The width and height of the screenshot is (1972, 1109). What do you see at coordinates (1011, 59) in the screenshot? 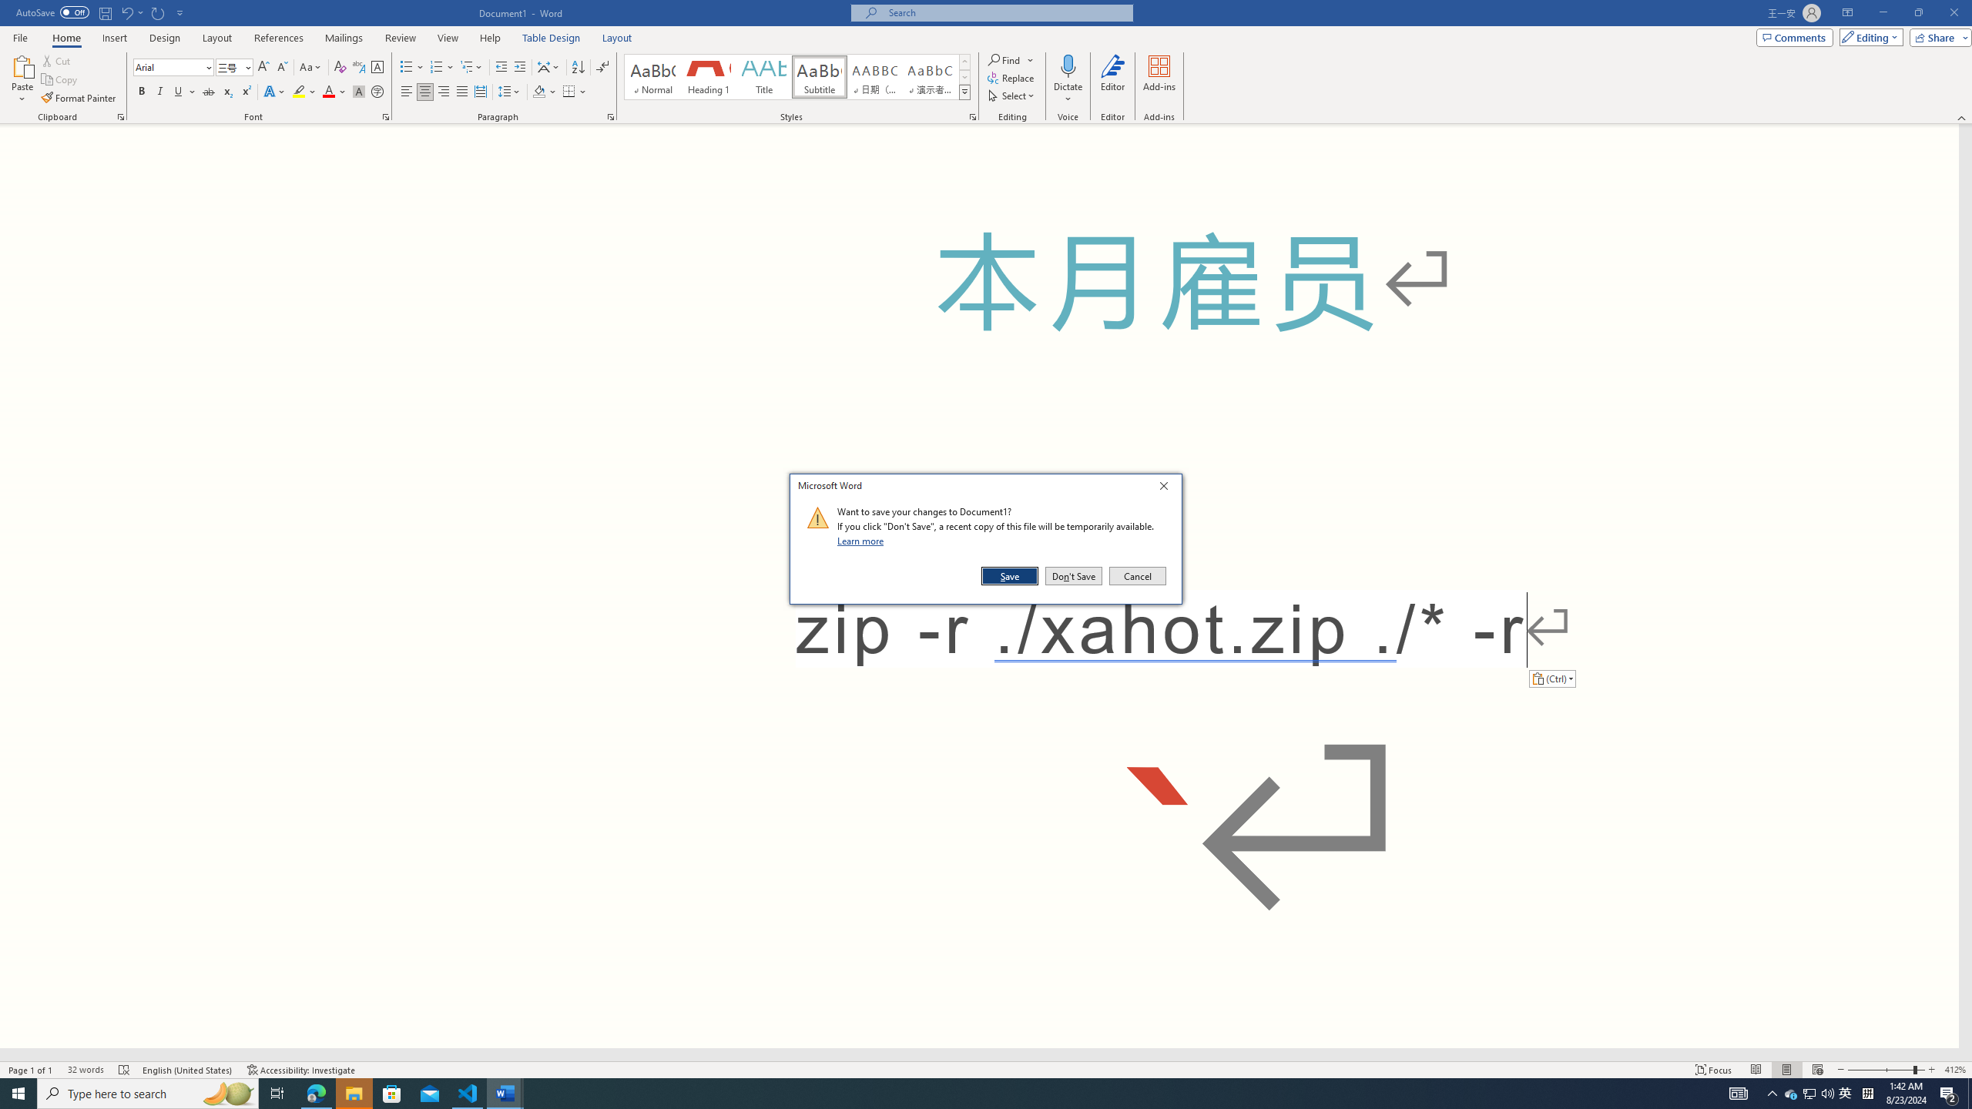
I see `'Find'` at bounding box center [1011, 59].